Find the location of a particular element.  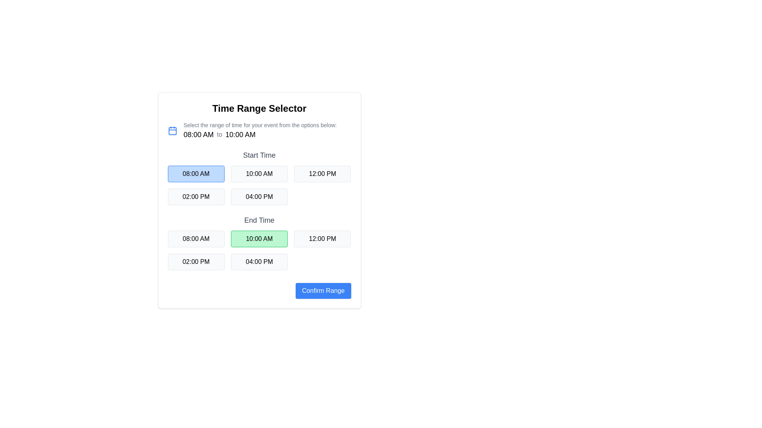

the button displaying '10:00 AM' under the 'Start Time' section to trigger the hover effect is located at coordinates (259, 177).